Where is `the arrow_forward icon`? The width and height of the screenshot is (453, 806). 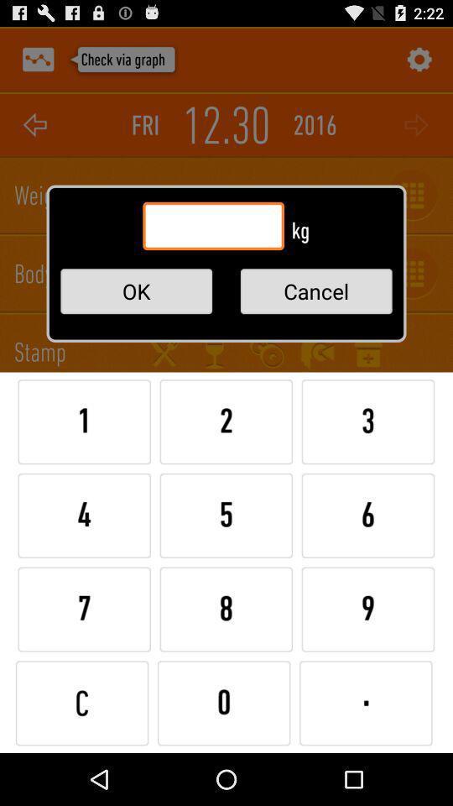
the arrow_forward icon is located at coordinates (417, 132).